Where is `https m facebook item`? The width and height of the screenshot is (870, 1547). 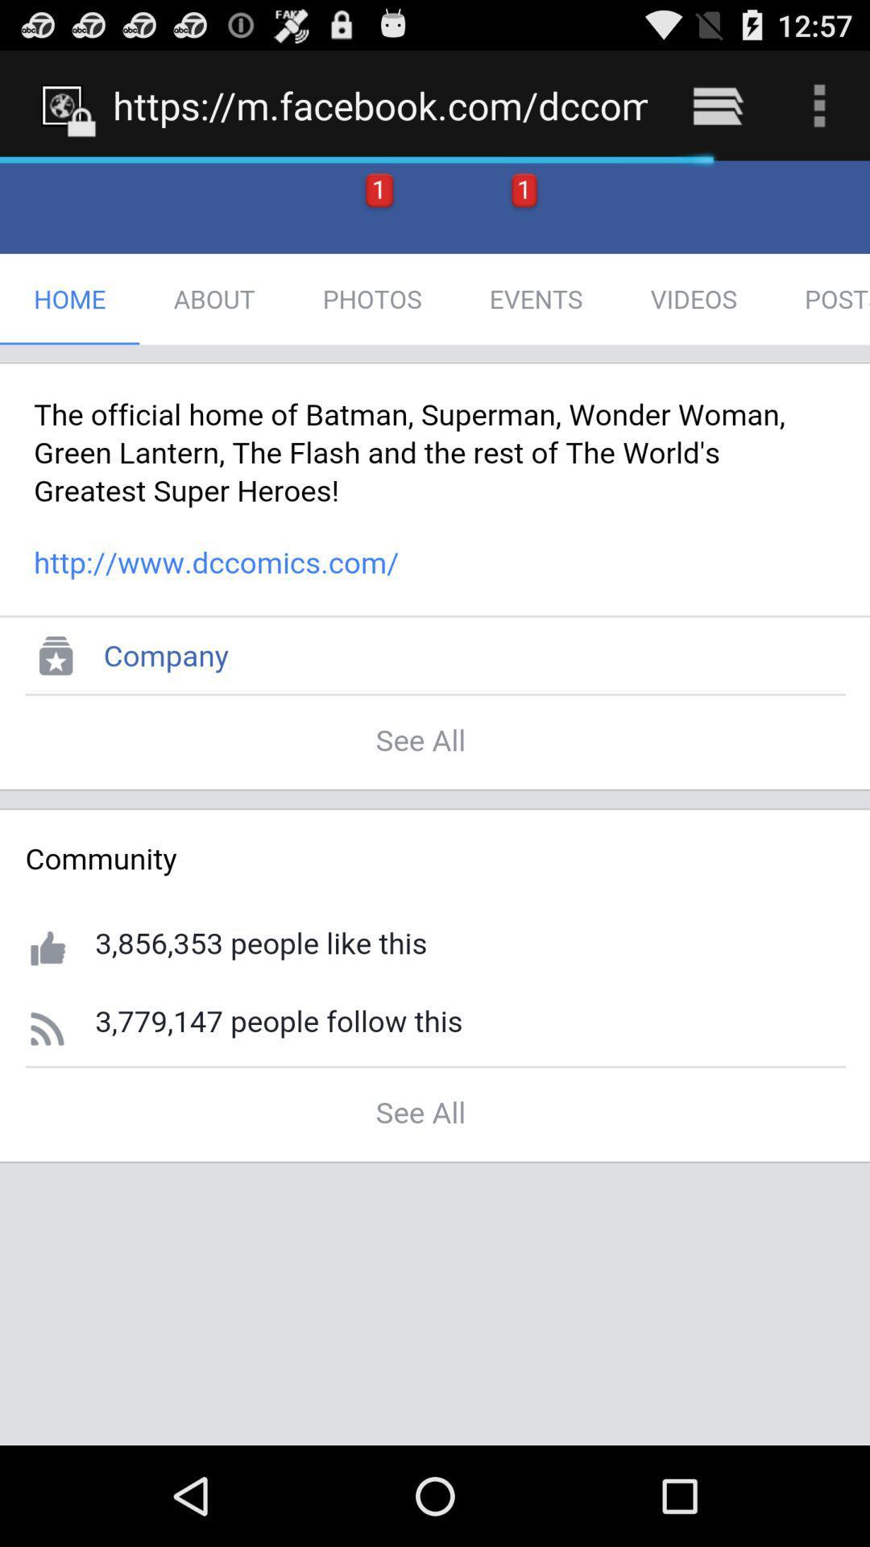 https m facebook item is located at coordinates (380, 105).